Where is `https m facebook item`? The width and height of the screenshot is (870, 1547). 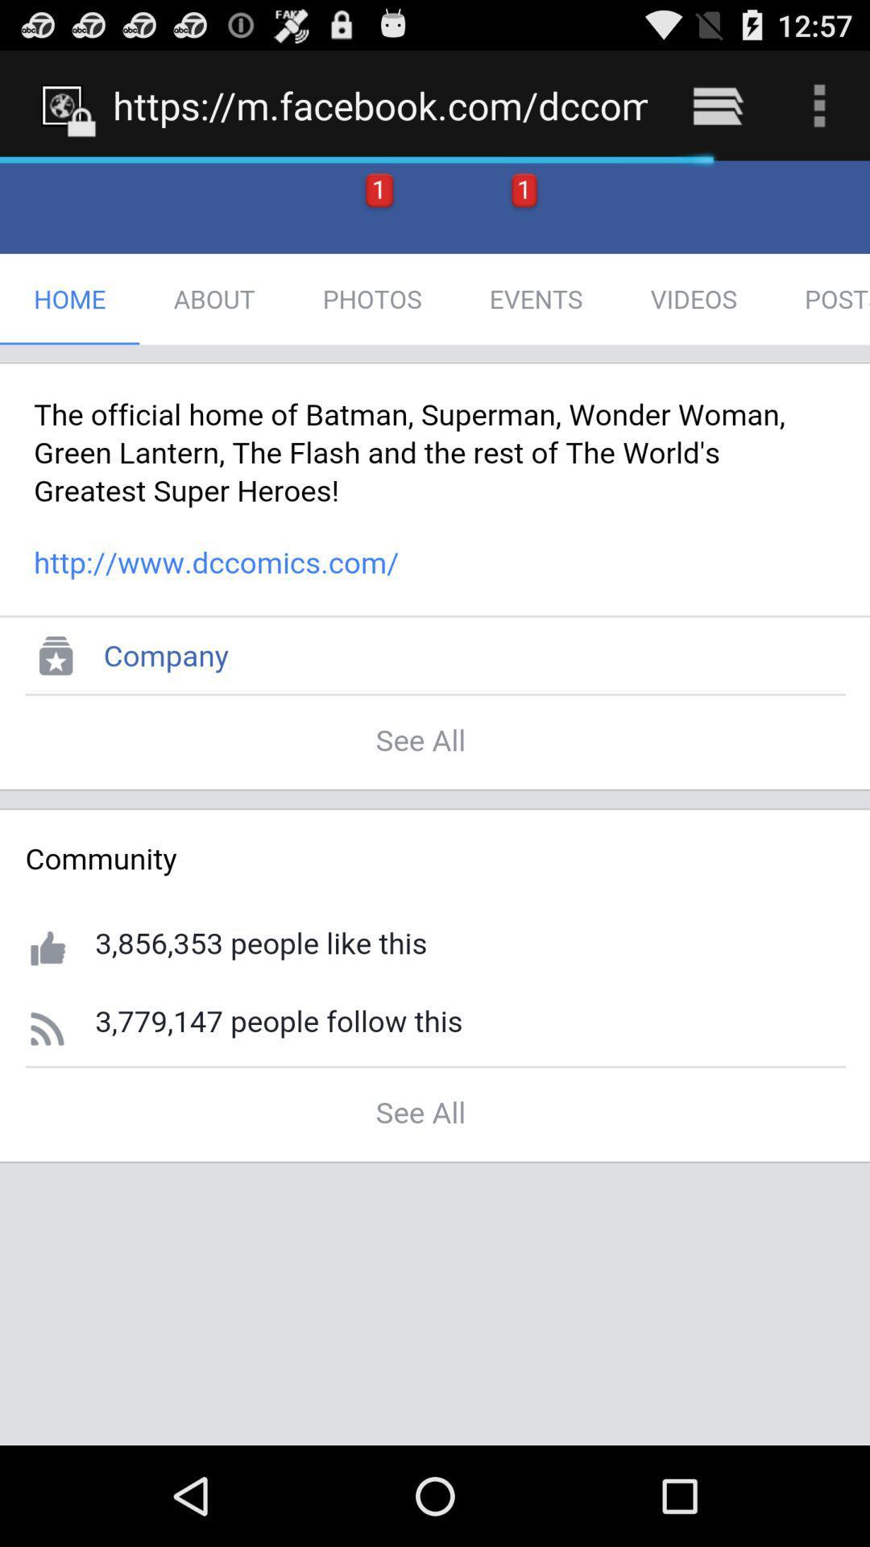 https m facebook item is located at coordinates (380, 105).